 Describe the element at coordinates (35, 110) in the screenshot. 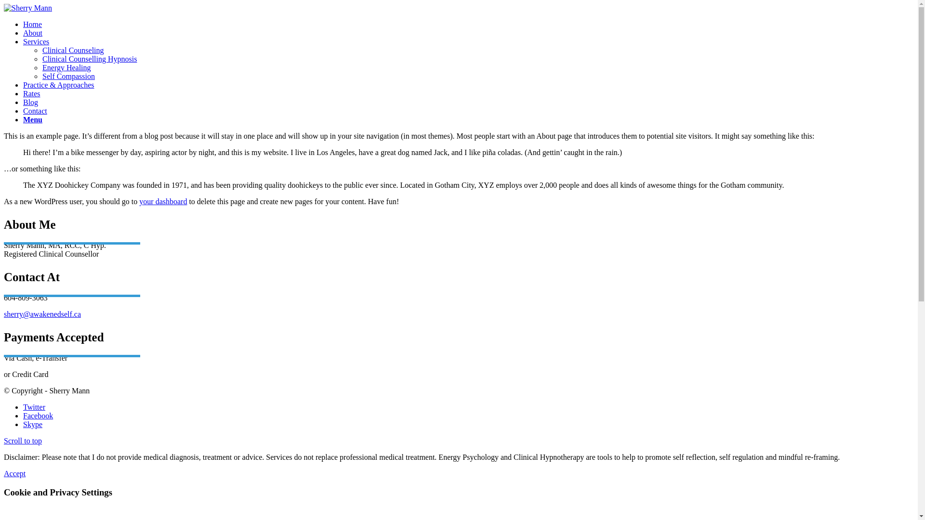

I see `'Contact'` at that location.